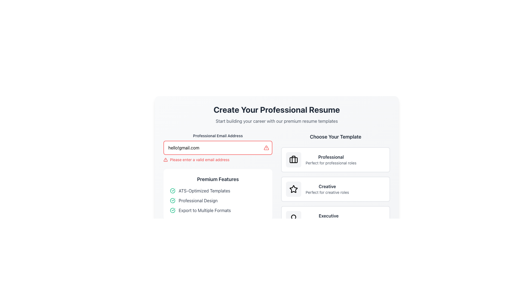 This screenshot has height=294, width=523. I want to click on the descriptive subtitle 'Perfect for professional roles' located under the 'Professional' listing in the 'Choose Your Template' section, so click(331, 163).